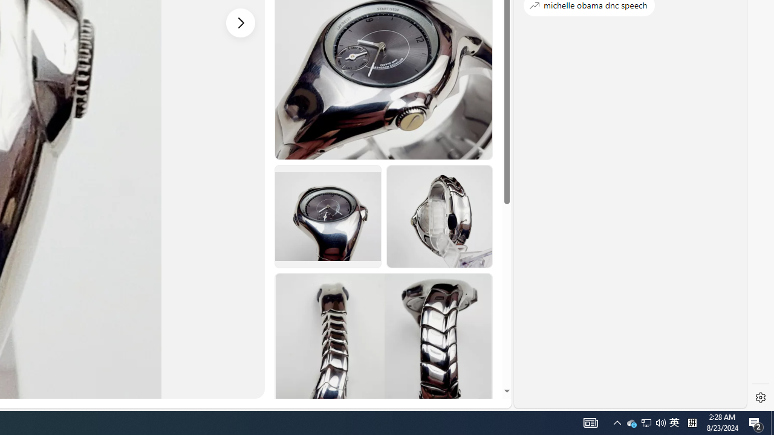  Describe the element at coordinates (241, 22) in the screenshot. I see `'Next image - Item images thumbnails'` at that location.